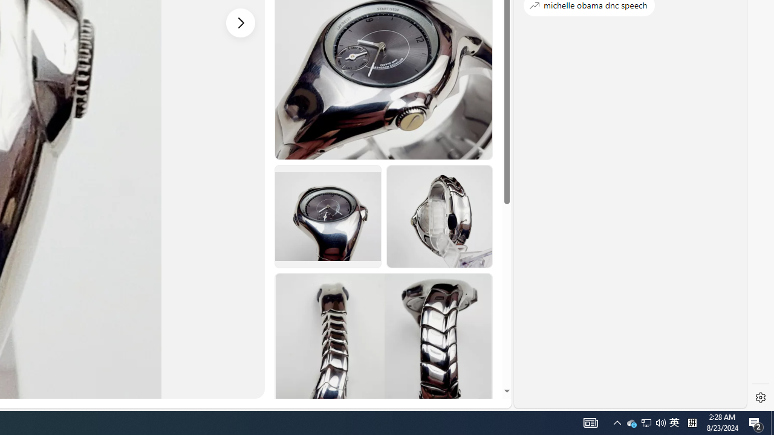  Describe the element at coordinates (241, 22) in the screenshot. I see `'Next image - Item images thumbnails'` at that location.